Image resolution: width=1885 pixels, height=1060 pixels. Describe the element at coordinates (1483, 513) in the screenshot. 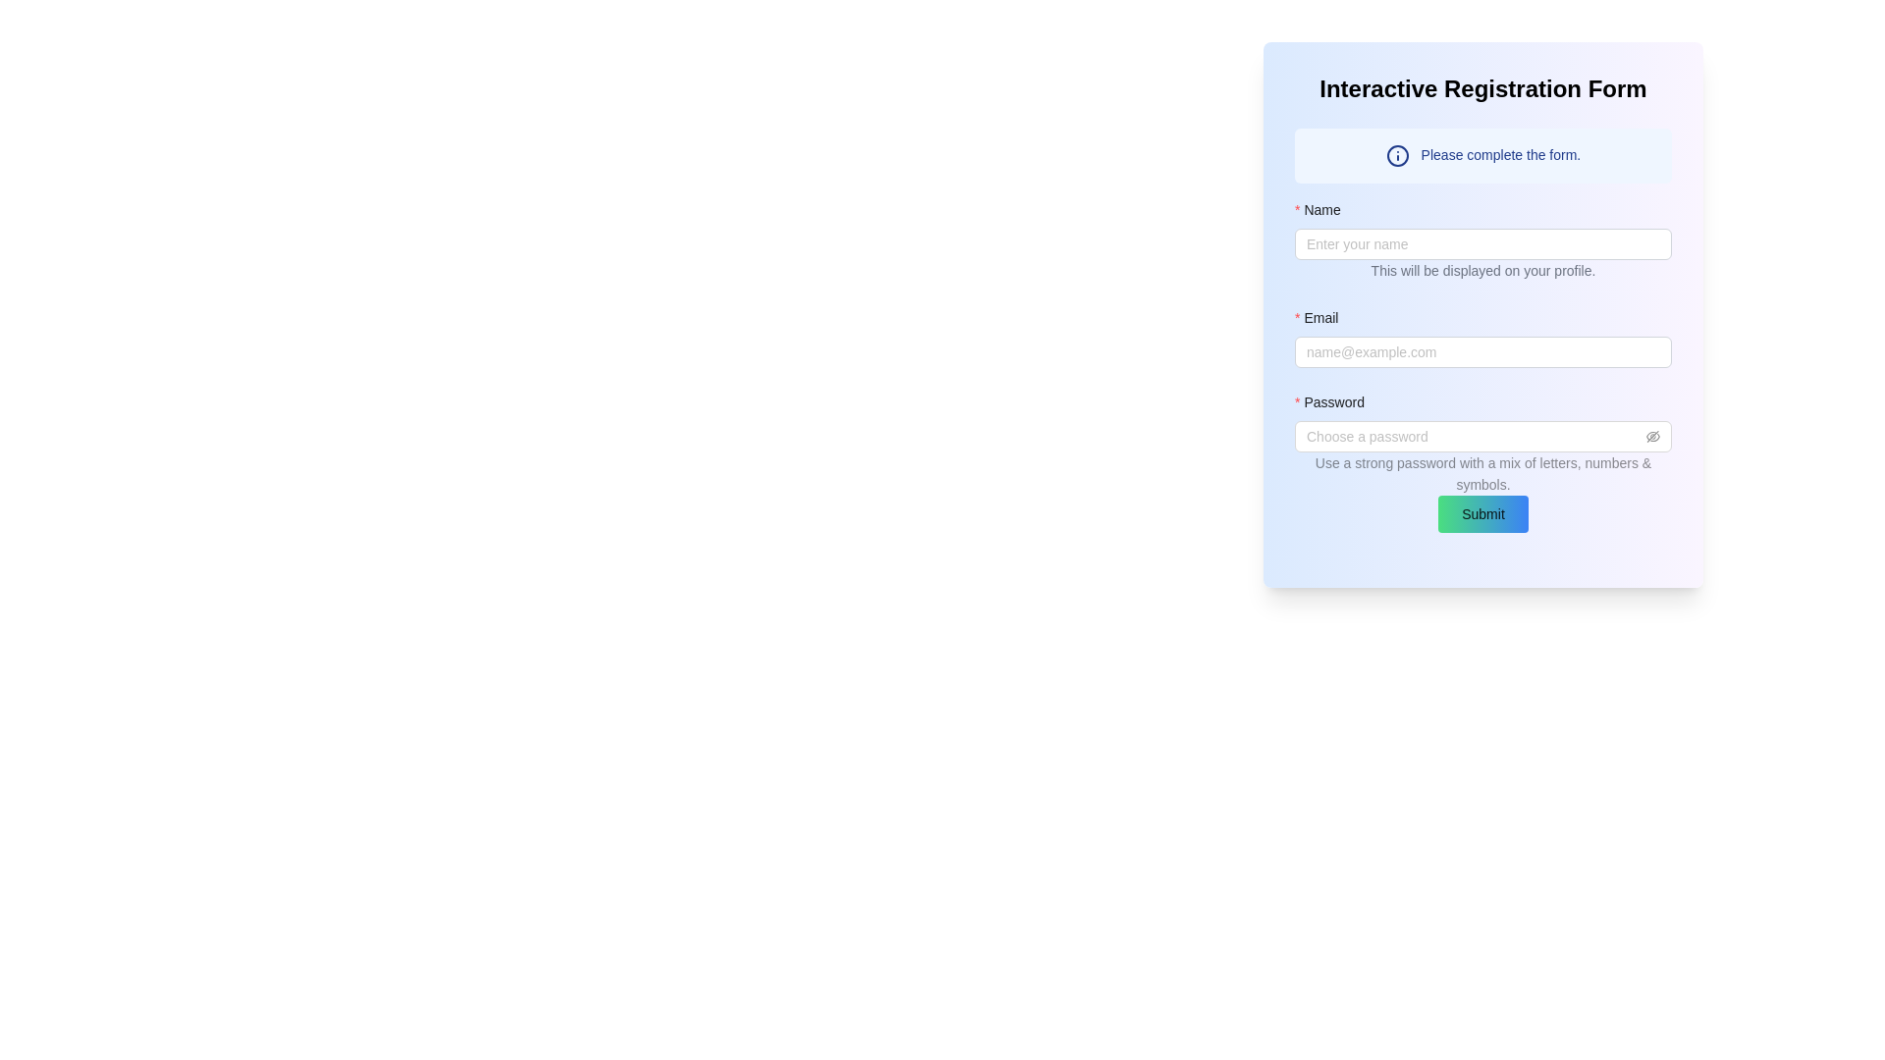

I see `the submit button located at the bottom of the registration form to interact with it` at that location.